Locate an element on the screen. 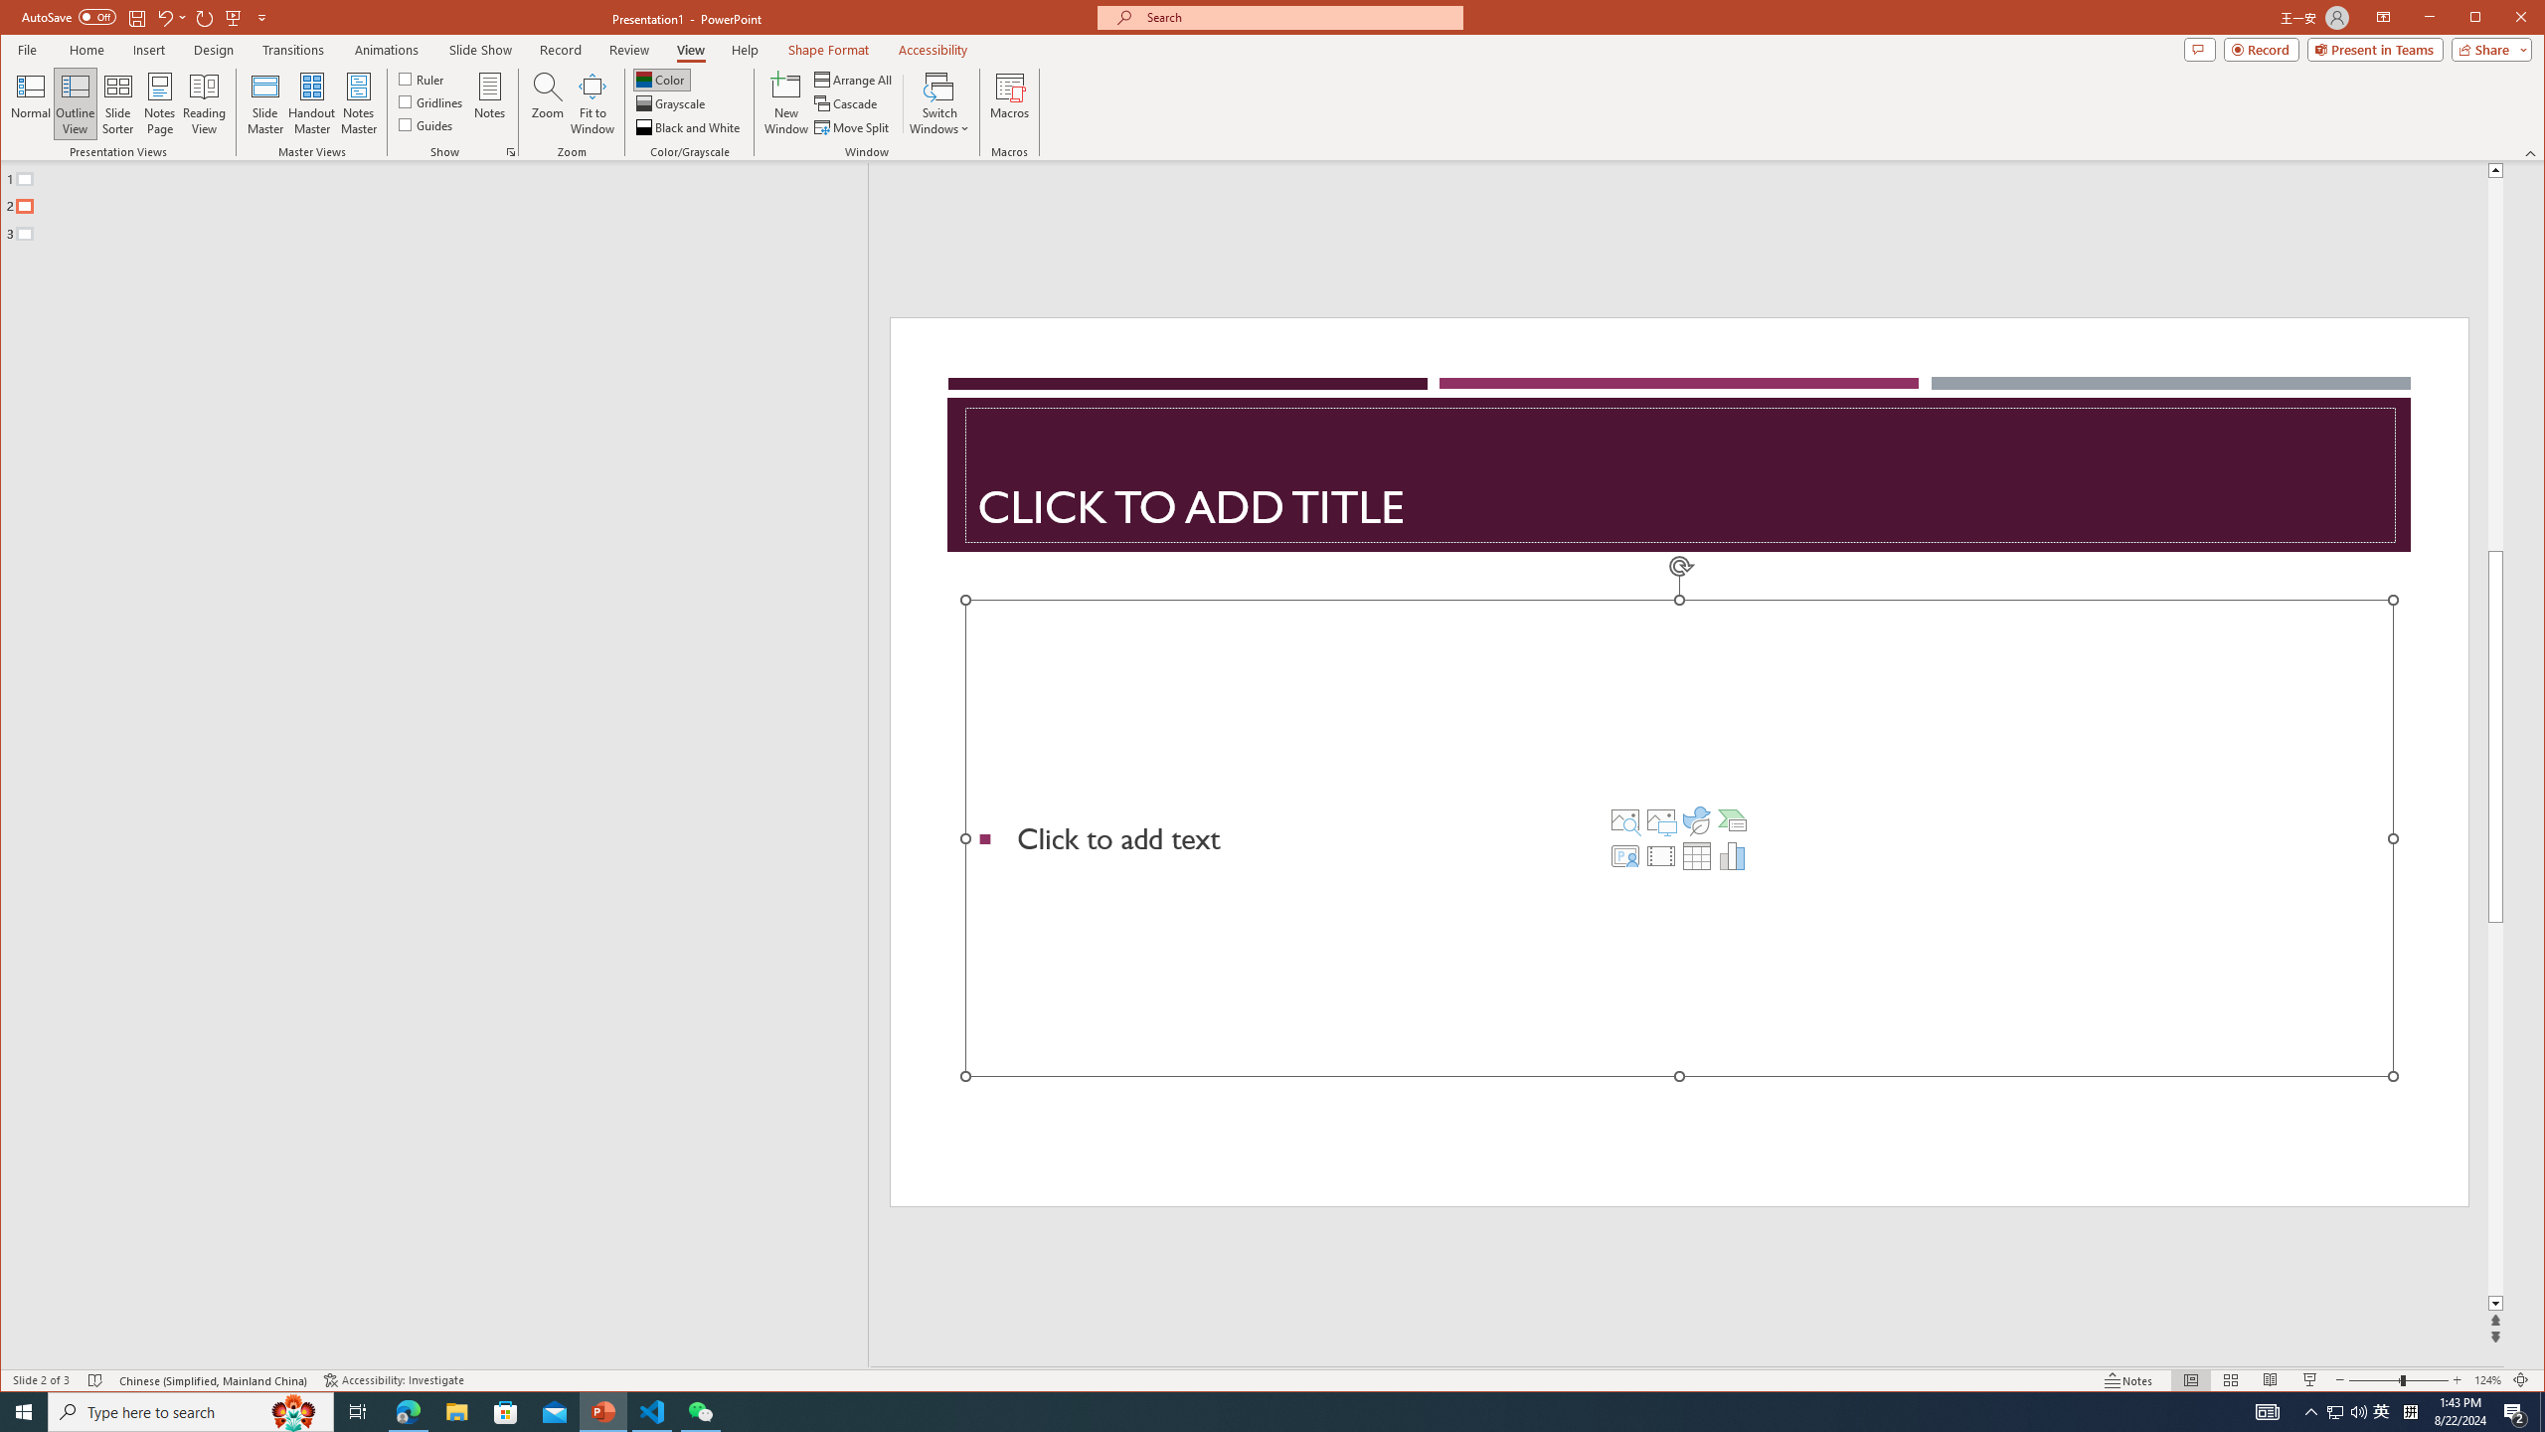 The width and height of the screenshot is (2545, 1432). 'Fit to Window' is located at coordinates (592, 102).